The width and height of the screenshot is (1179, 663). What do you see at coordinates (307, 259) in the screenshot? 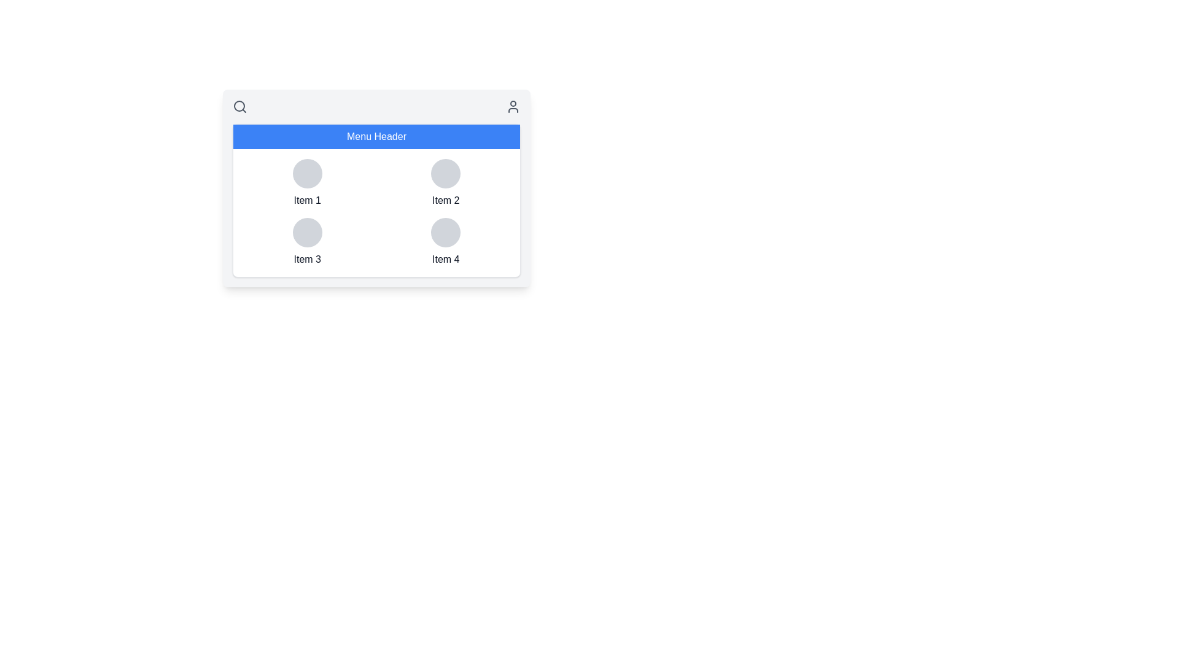
I see `the text label located in the third column and second row under the 'Menu Header', which provides a descriptive identification for the associated visual element` at bounding box center [307, 259].